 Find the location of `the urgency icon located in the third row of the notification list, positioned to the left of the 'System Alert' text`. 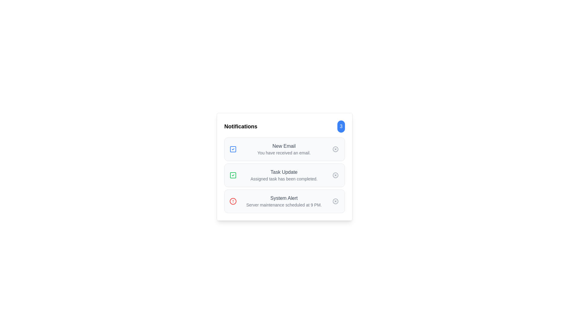

the urgency icon located in the third row of the notification list, positioned to the left of the 'System Alert' text is located at coordinates (232, 201).